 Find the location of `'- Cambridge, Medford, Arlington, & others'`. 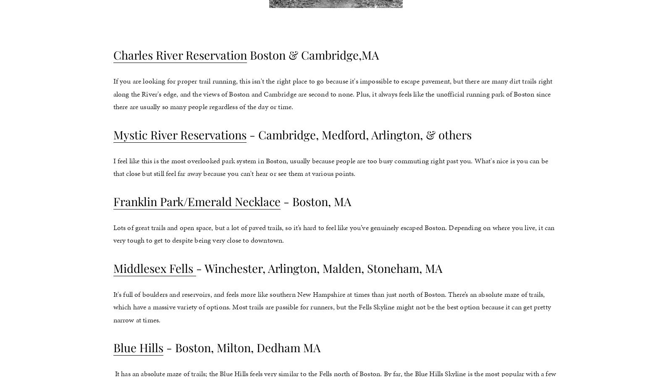

'- Cambridge, Medford, Arlington, & others' is located at coordinates (246, 134).